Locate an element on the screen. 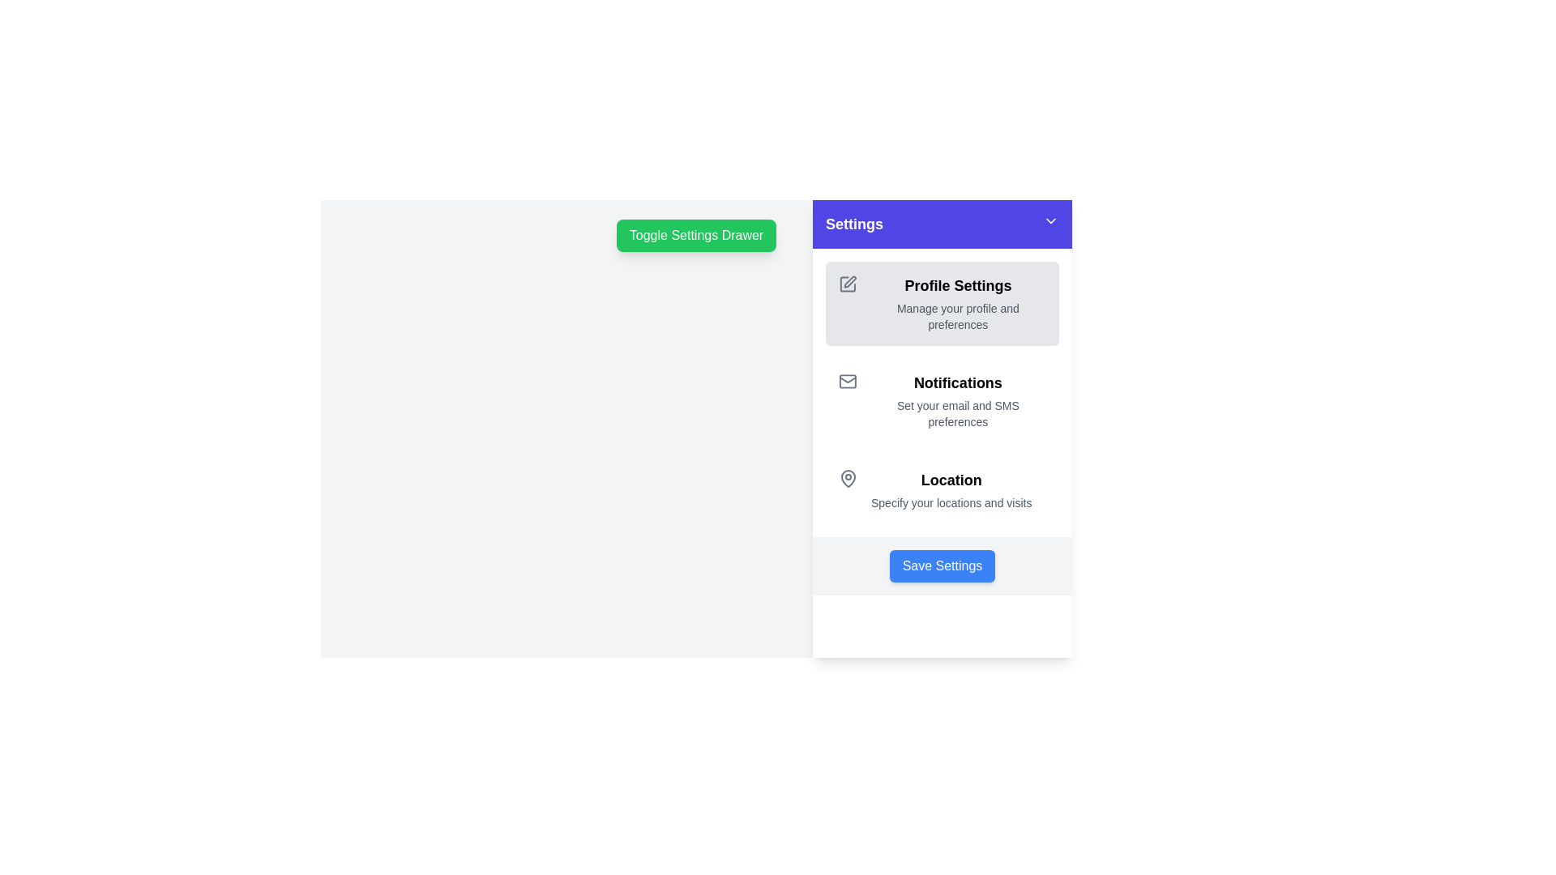  to select or open the 'Notifications' section, which features a bold heading and an email icon, located as the second item in the vertical list within the 'Settings' panel is located at coordinates (942, 400).